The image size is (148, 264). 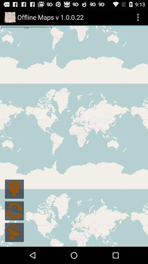 What do you see at coordinates (14, 202) in the screenshot?
I see `the location icon` at bounding box center [14, 202].